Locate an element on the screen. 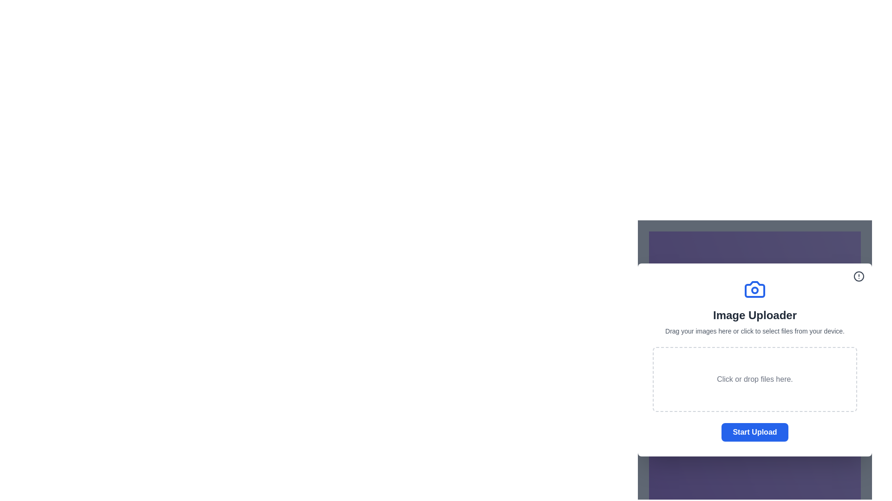  and drop files into the modal content section designated for image uploads, located at the center of the modal window is located at coordinates (755, 359).